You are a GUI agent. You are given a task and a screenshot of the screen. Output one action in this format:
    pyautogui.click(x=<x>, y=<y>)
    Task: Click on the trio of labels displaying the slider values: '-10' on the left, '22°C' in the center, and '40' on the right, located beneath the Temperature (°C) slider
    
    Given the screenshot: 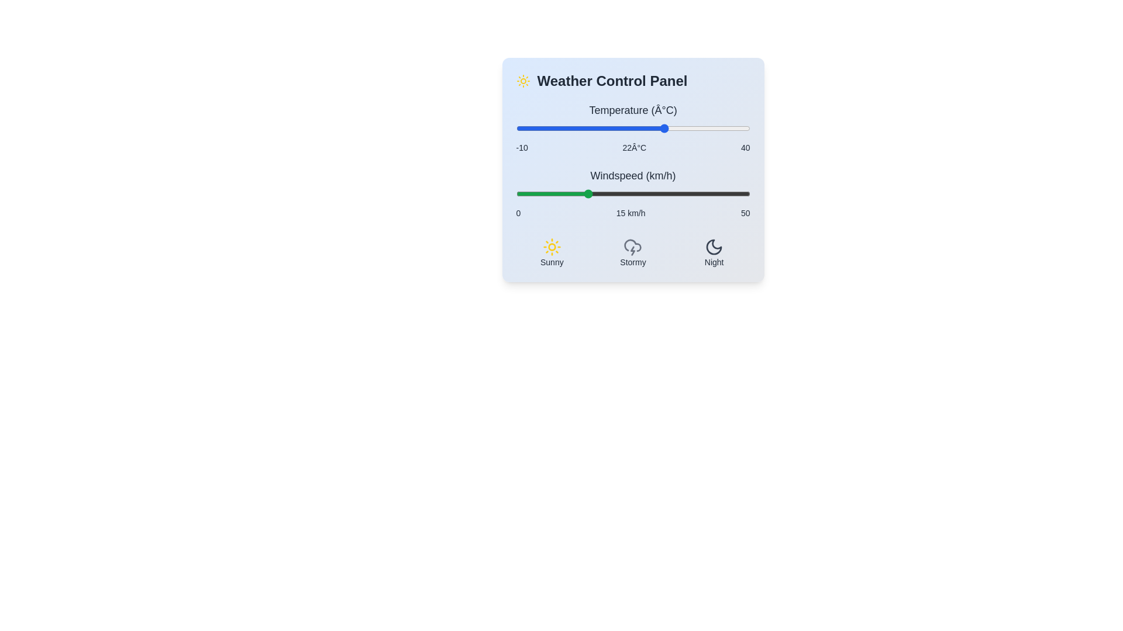 What is the action you would take?
    pyautogui.click(x=632, y=147)
    